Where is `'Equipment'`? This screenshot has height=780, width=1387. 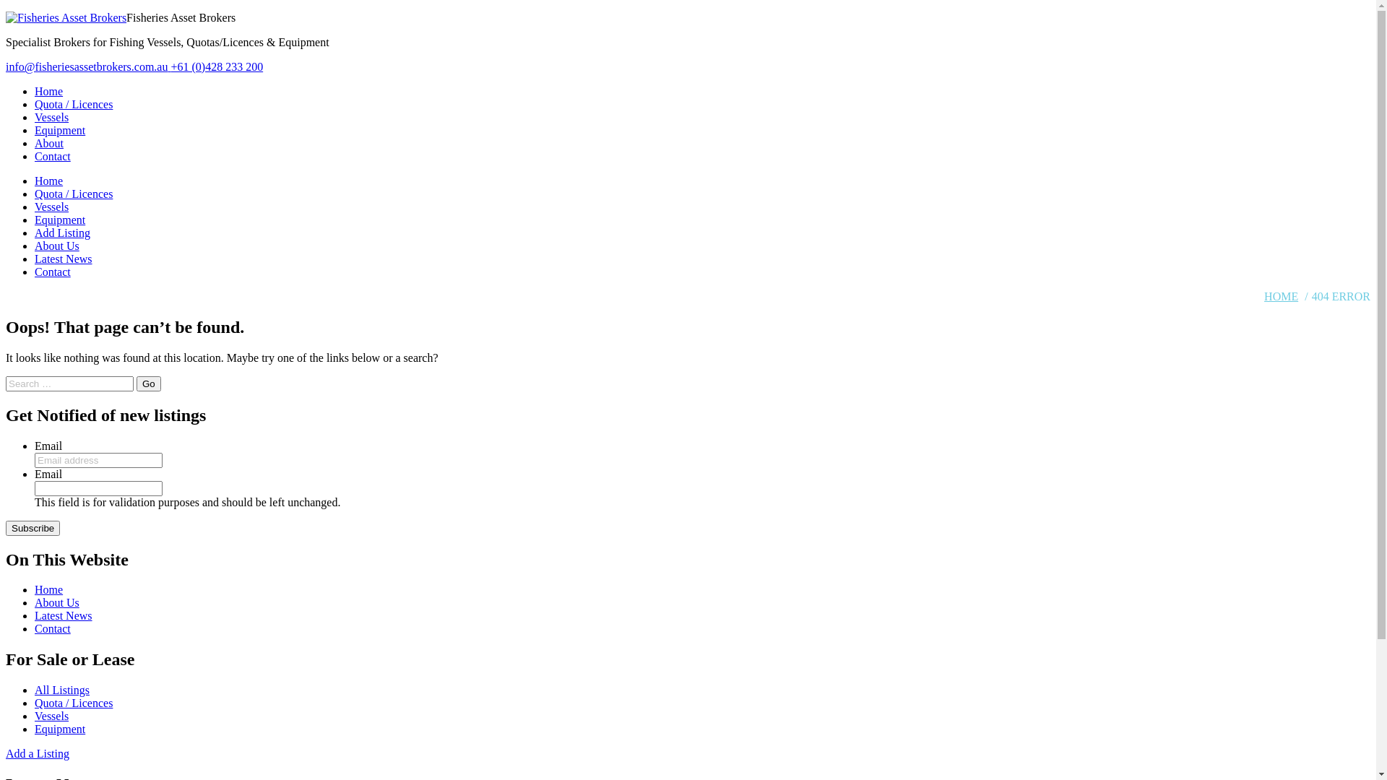
'Equipment' is located at coordinates (59, 729).